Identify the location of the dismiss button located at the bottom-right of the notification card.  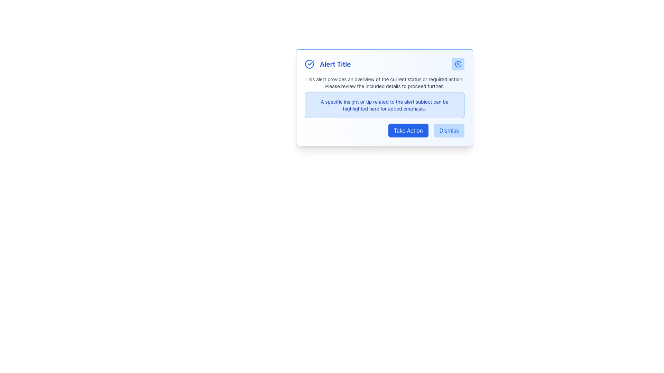
(449, 131).